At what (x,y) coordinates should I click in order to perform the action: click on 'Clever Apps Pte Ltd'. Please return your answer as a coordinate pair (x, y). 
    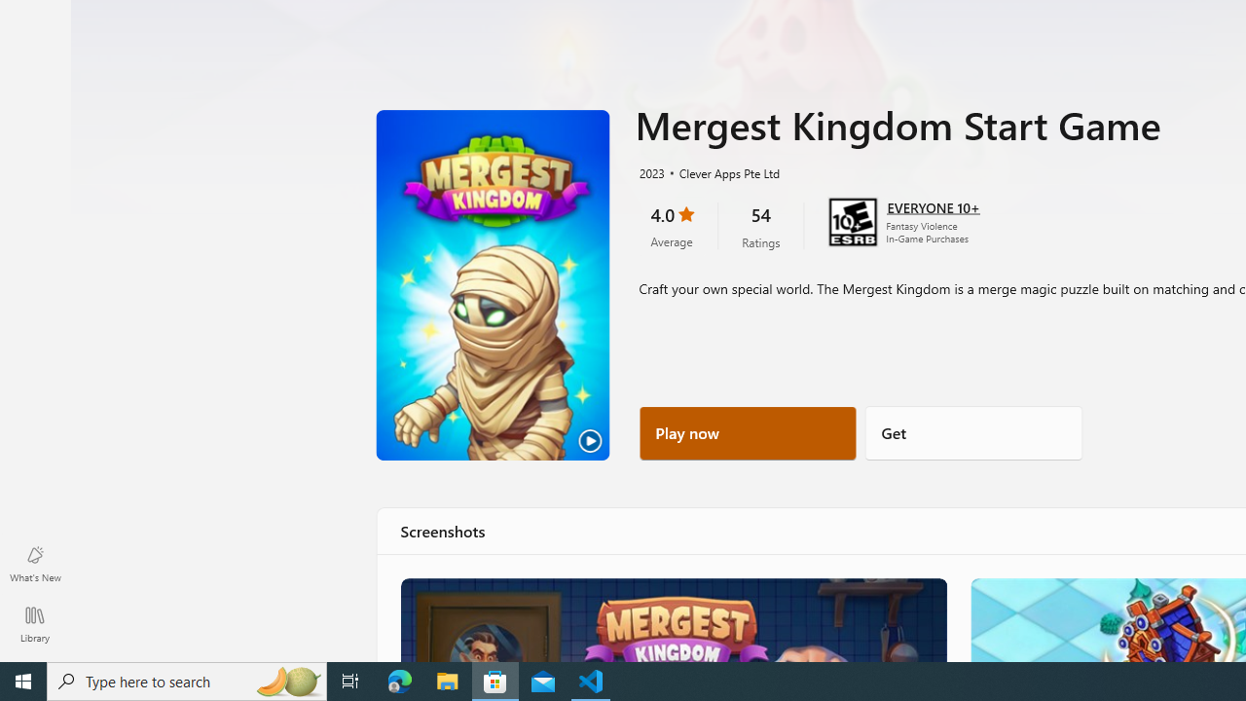
    Looking at the image, I should click on (720, 171).